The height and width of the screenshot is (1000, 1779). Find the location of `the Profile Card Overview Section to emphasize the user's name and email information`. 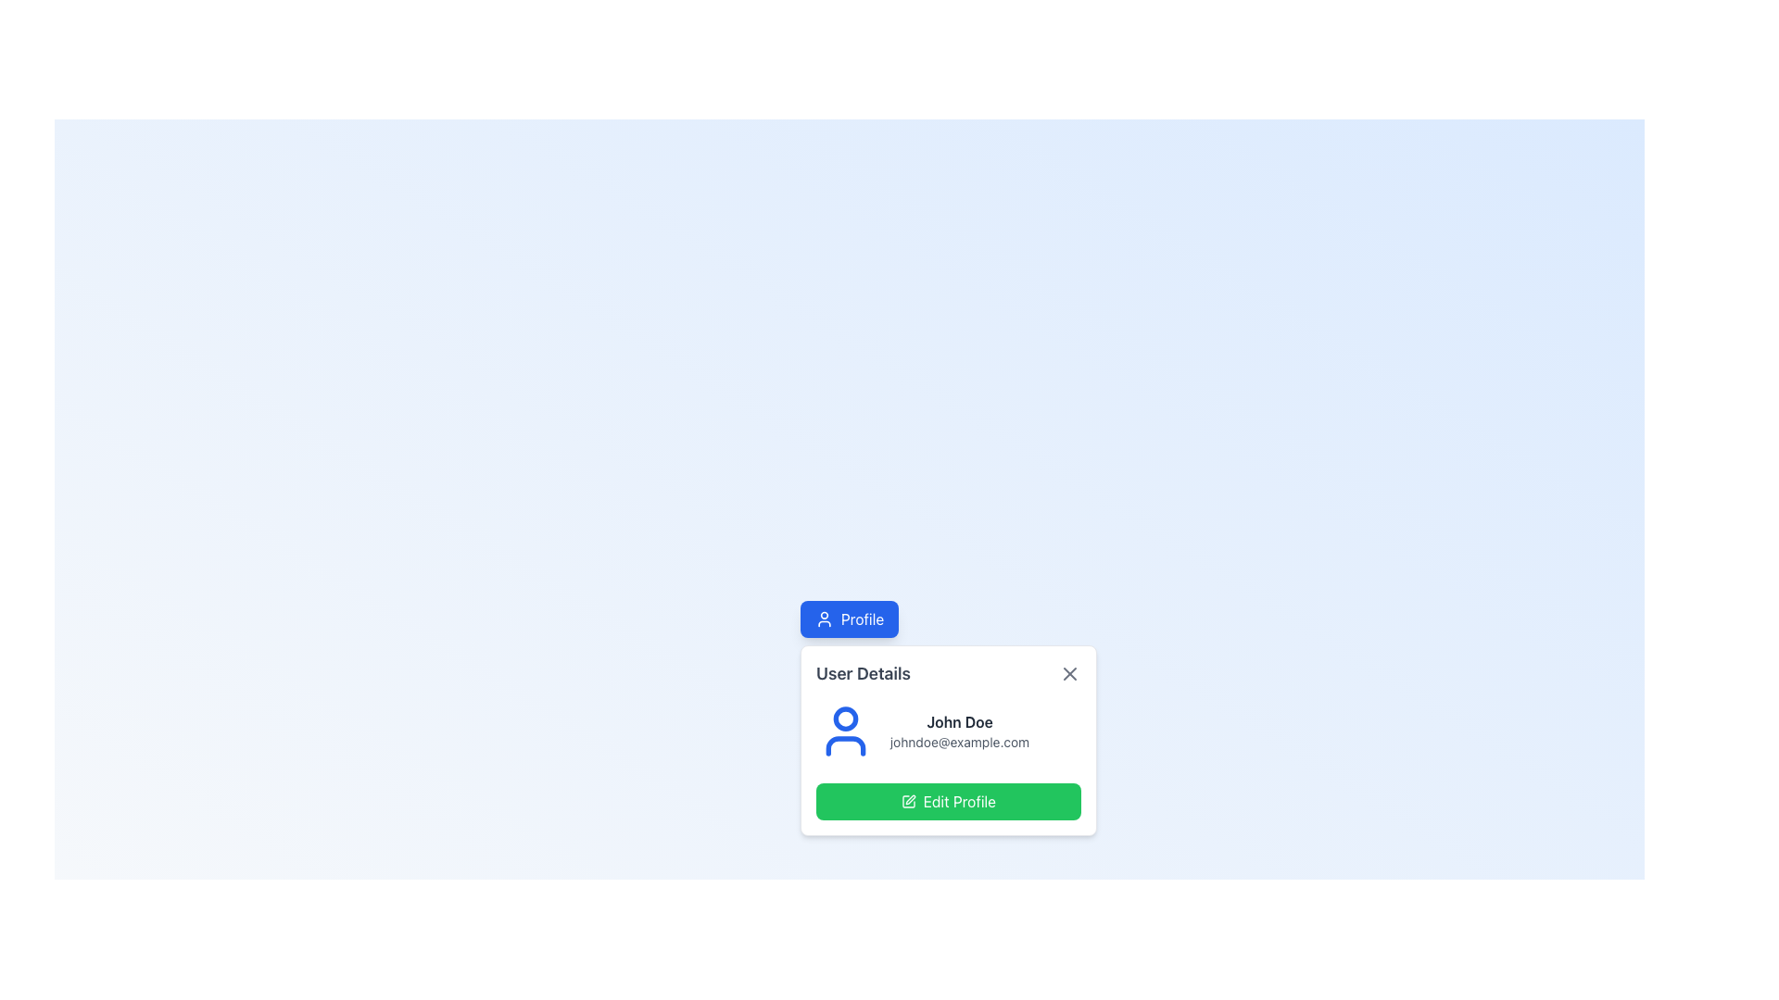

the Profile Card Overview Section to emphasize the user's name and email information is located at coordinates (948, 760).